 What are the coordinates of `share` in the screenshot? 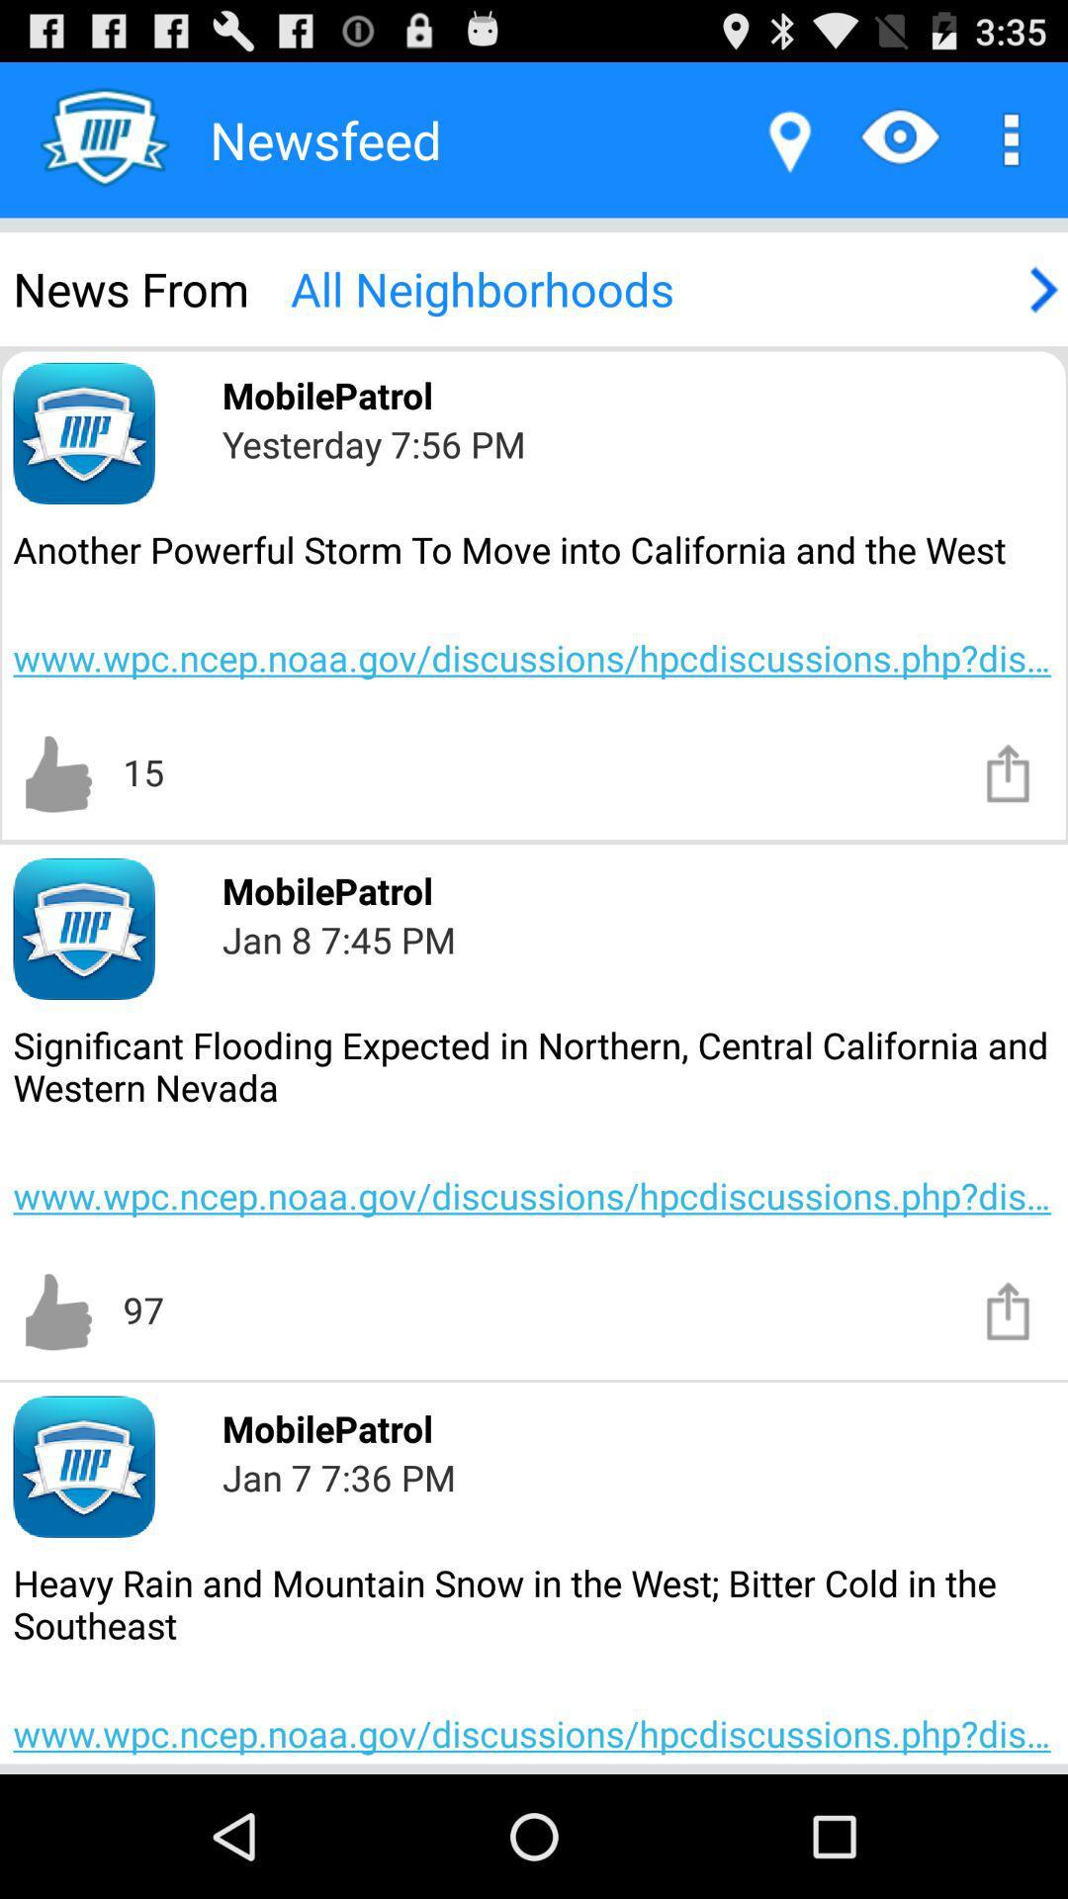 It's located at (1009, 770).